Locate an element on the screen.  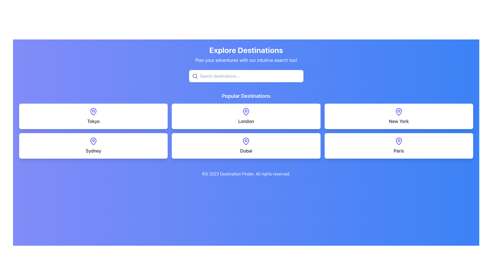
the card displaying information about the city 'London', which is positioned between the 'Tokyo' and 'New York' cards in a grid layout is located at coordinates (246, 116).